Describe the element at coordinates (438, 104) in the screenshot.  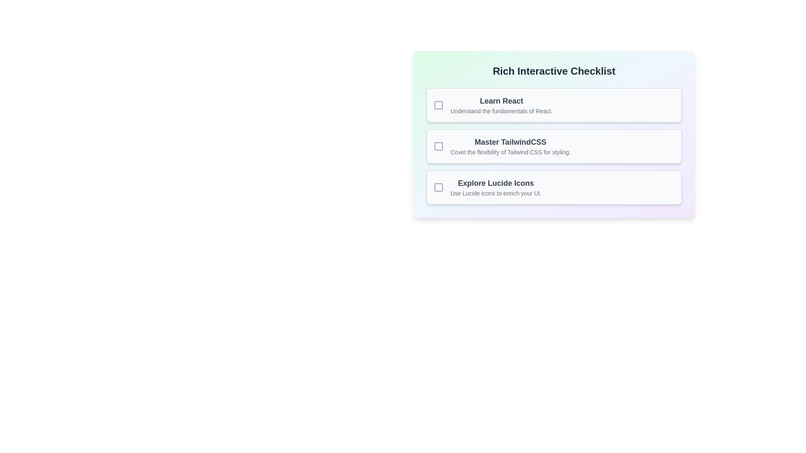
I see `the empty checkbox located next` at that location.